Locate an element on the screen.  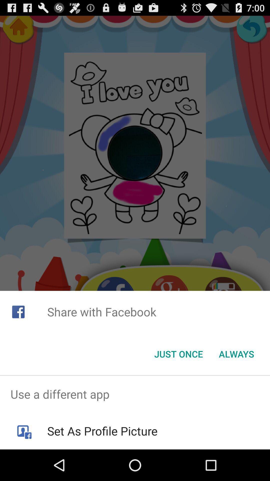
the button to the left of the always button is located at coordinates (178, 353).